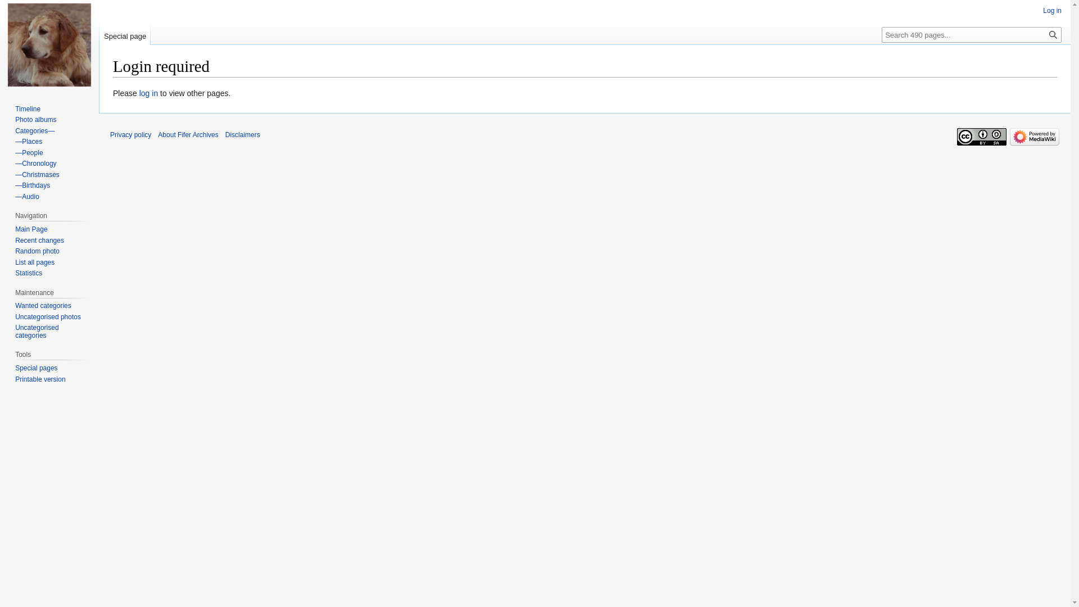  Describe the element at coordinates (1052, 34) in the screenshot. I see `'Search'` at that location.